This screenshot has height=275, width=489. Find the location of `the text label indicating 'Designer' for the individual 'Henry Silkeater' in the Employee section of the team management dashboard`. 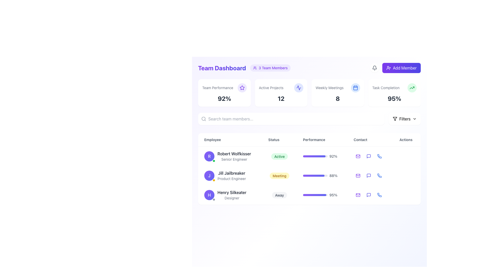

the text label indicating 'Designer' for the individual 'Henry Silkeater' in the Employee section of the team management dashboard is located at coordinates (232, 198).